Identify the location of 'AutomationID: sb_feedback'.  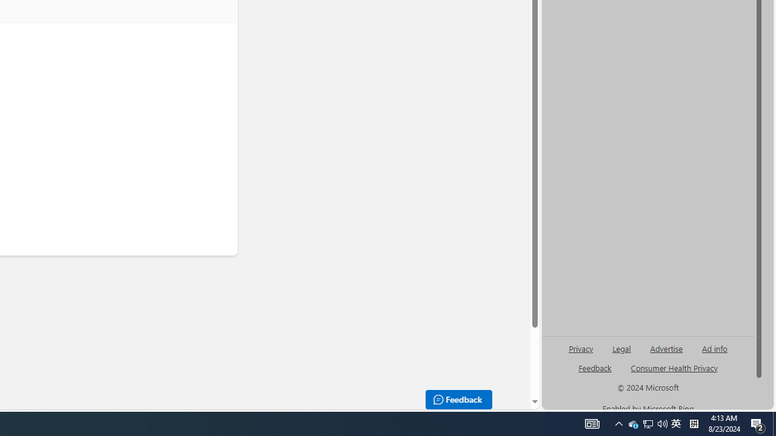
(595, 367).